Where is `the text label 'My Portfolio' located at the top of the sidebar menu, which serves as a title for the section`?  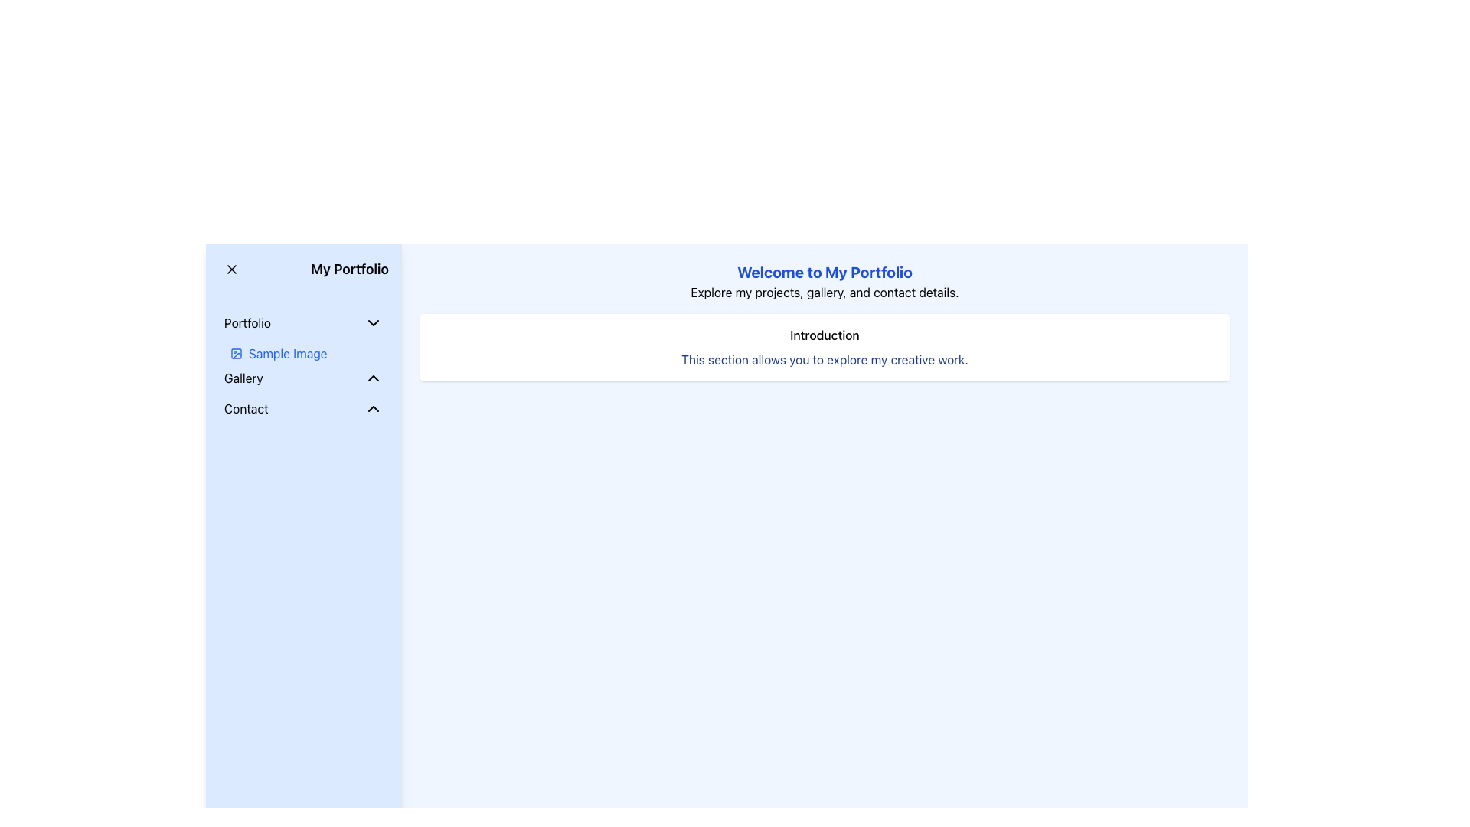 the text label 'My Portfolio' located at the top of the sidebar menu, which serves as a title for the section is located at coordinates (303, 268).